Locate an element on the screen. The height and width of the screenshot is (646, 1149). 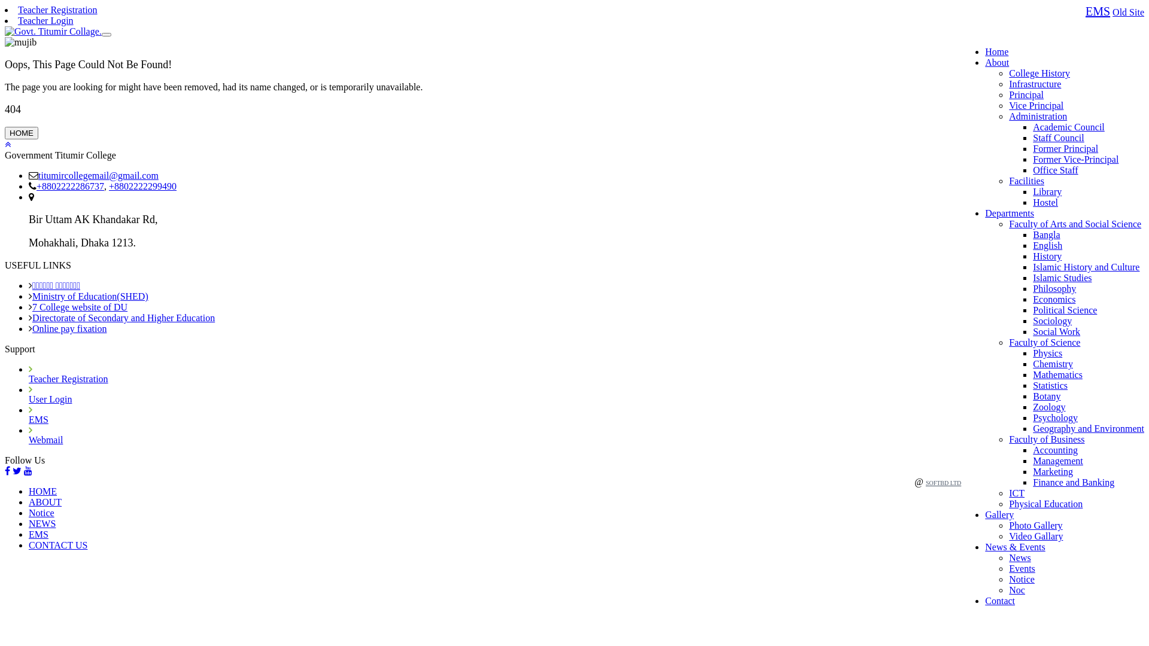
'Finance and Banking' is located at coordinates (1074, 482).